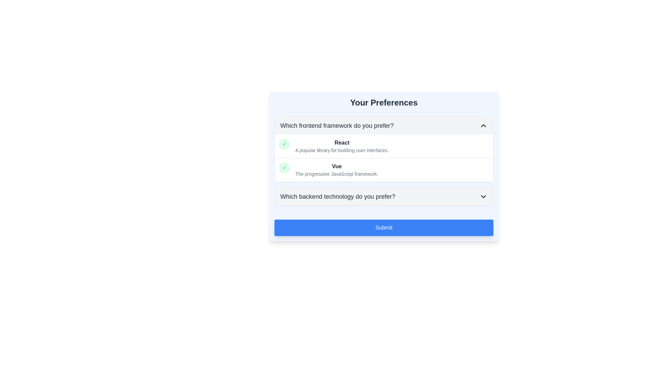  What do you see at coordinates (342, 146) in the screenshot?
I see `text block displaying 'React' in bold and its description 'A popular library for building user interfaces.' located under the question 'Which frontend framework do you prefer?'` at bounding box center [342, 146].